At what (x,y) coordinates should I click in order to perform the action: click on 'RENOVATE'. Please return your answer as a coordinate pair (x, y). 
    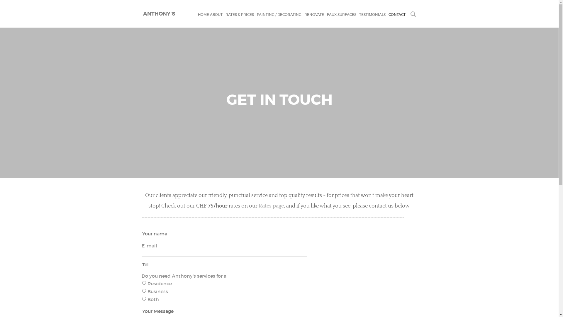
    Looking at the image, I should click on (304, 14).